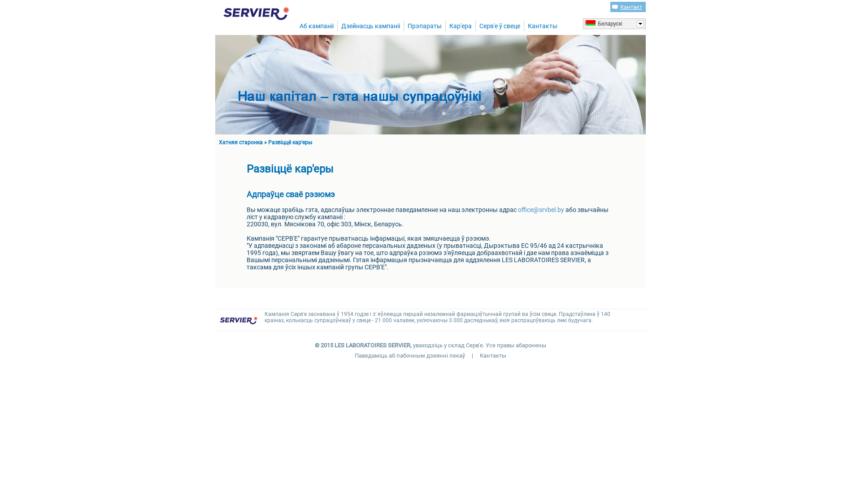 This screenshot has height=484, width=861. I want to click on 'office@srvbel.by', so click(518, 209).